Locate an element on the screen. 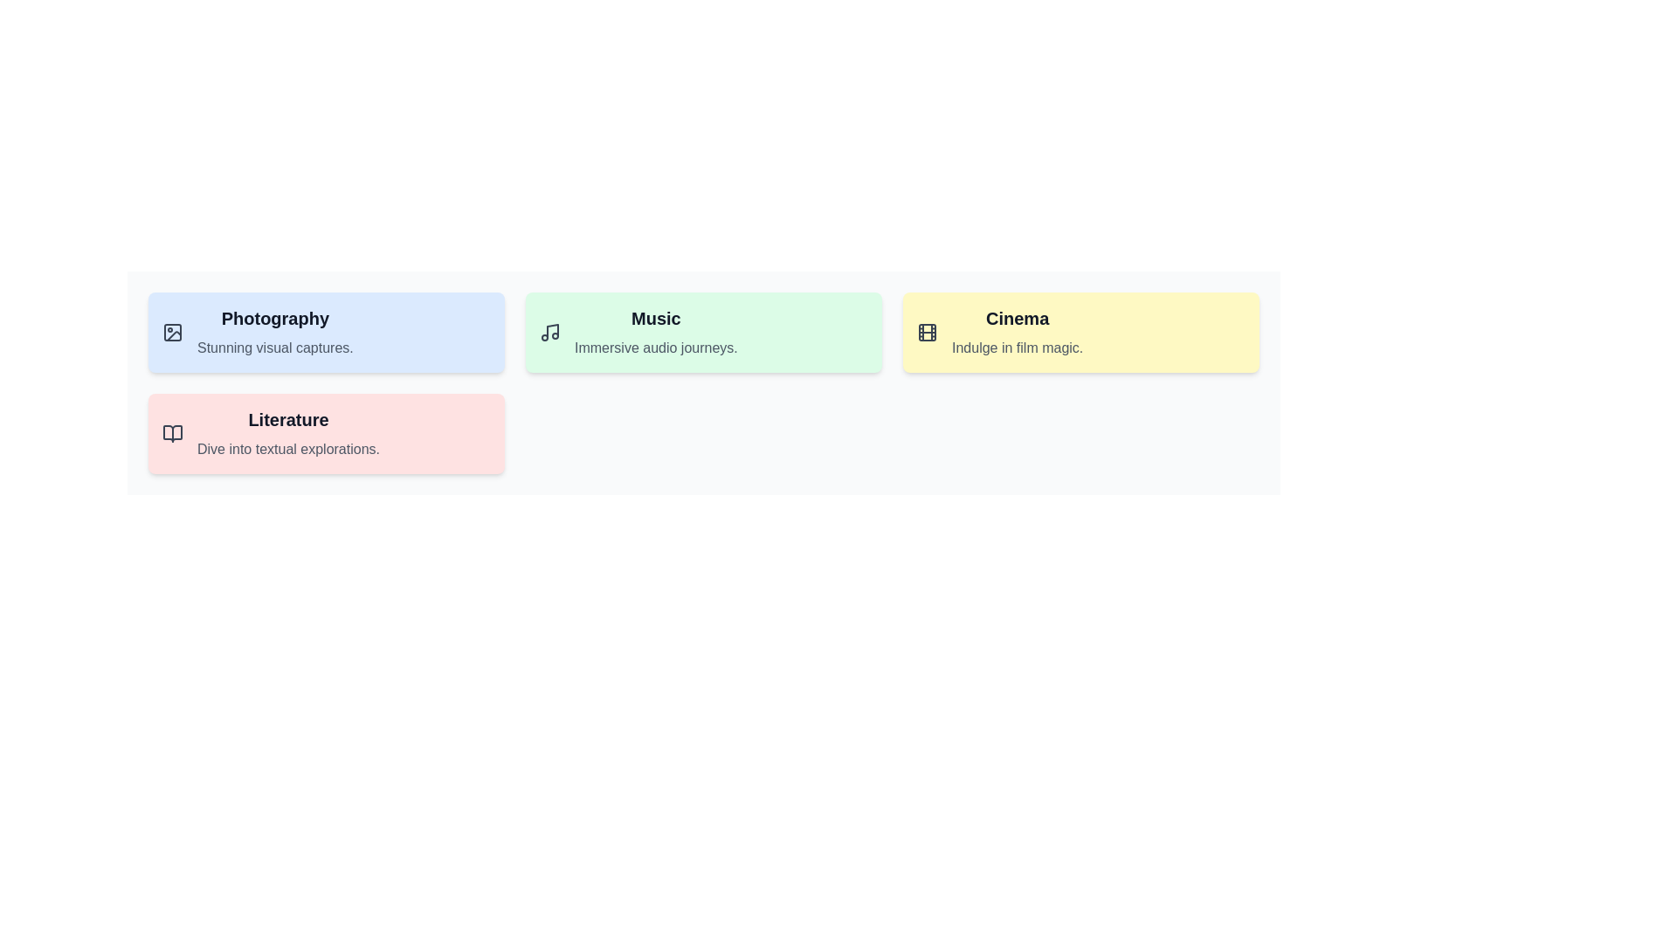 Image resolution: width=1677 pixels, height=943 pixels. descriptive text label located below the 'Music' title within the second card of a horizontally arranged series of cards is located at coordinates (655, 348).